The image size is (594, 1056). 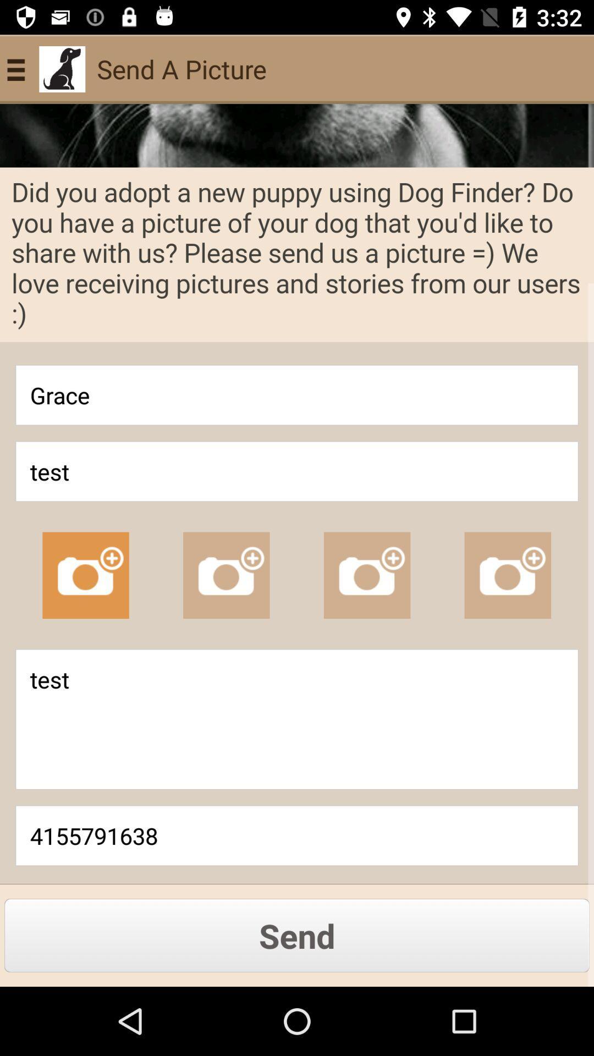 I want to click on the third camera button of the page, so click(x=367, y=575).